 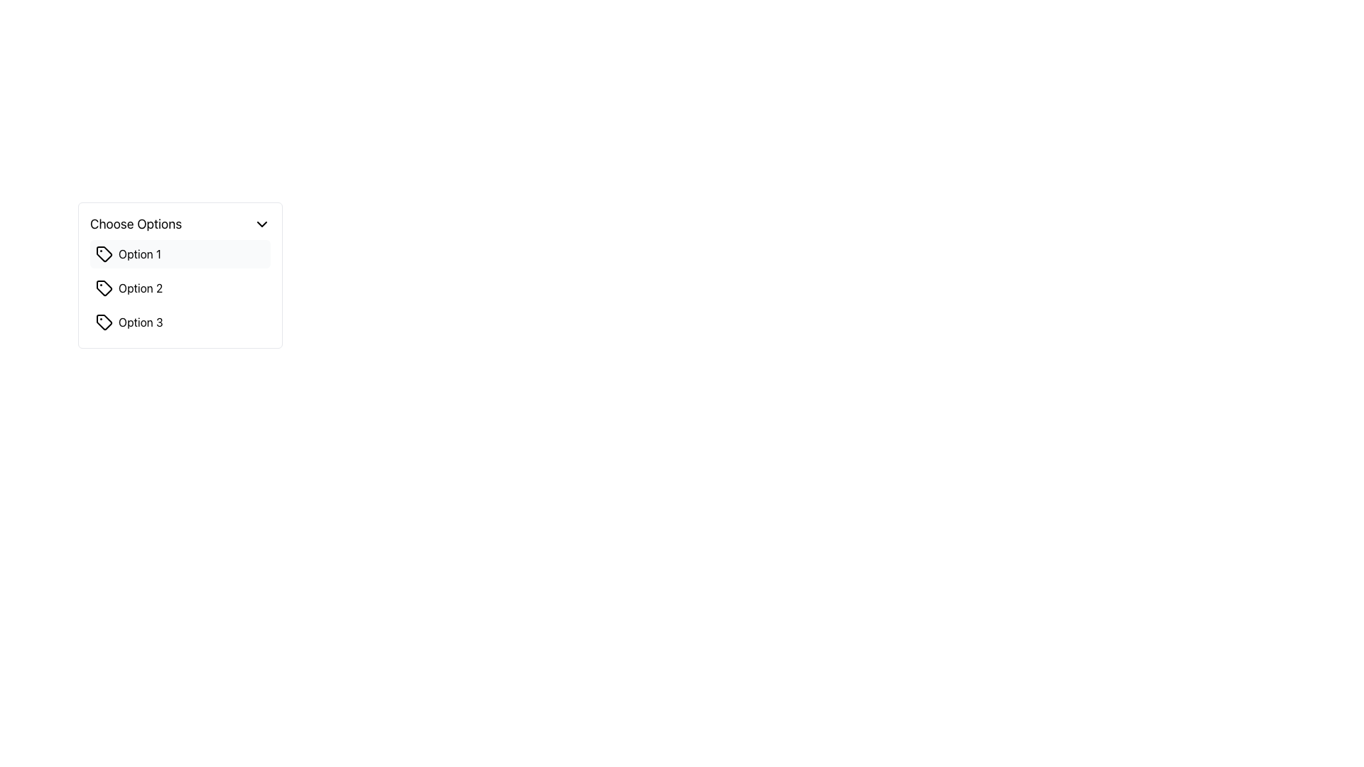 What do you see at coordinates (180, 288) in the screenshot?
I see `the second option in the 'Choose Options' dropdown list` at bounding box center [180, 288].